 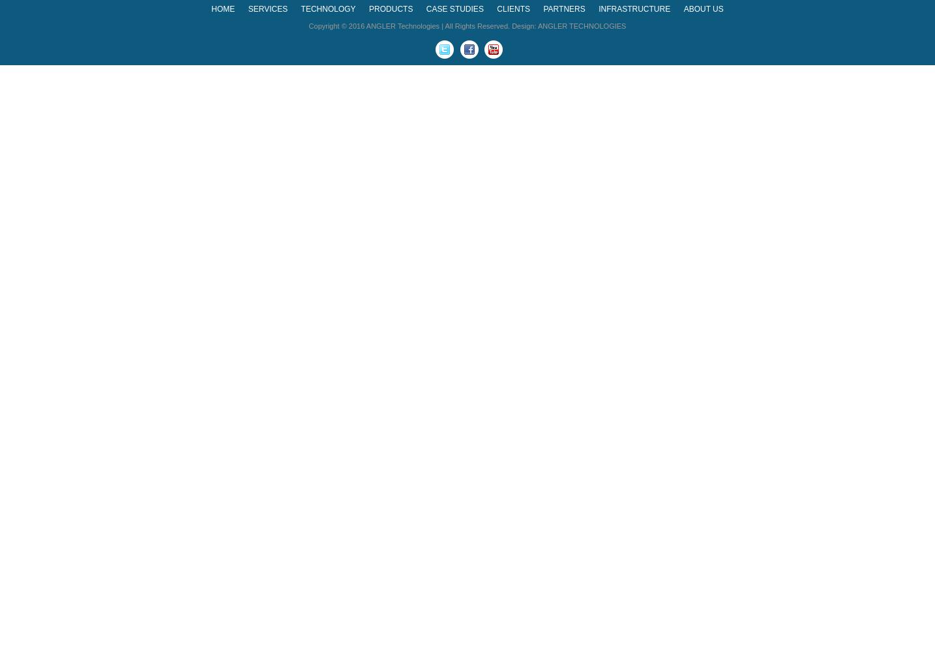 What do you see at coordinates (581, 25) in the screenshot?
I see `'ANGLER TECHNOLOGIES'` at bounding box center [581, 25].